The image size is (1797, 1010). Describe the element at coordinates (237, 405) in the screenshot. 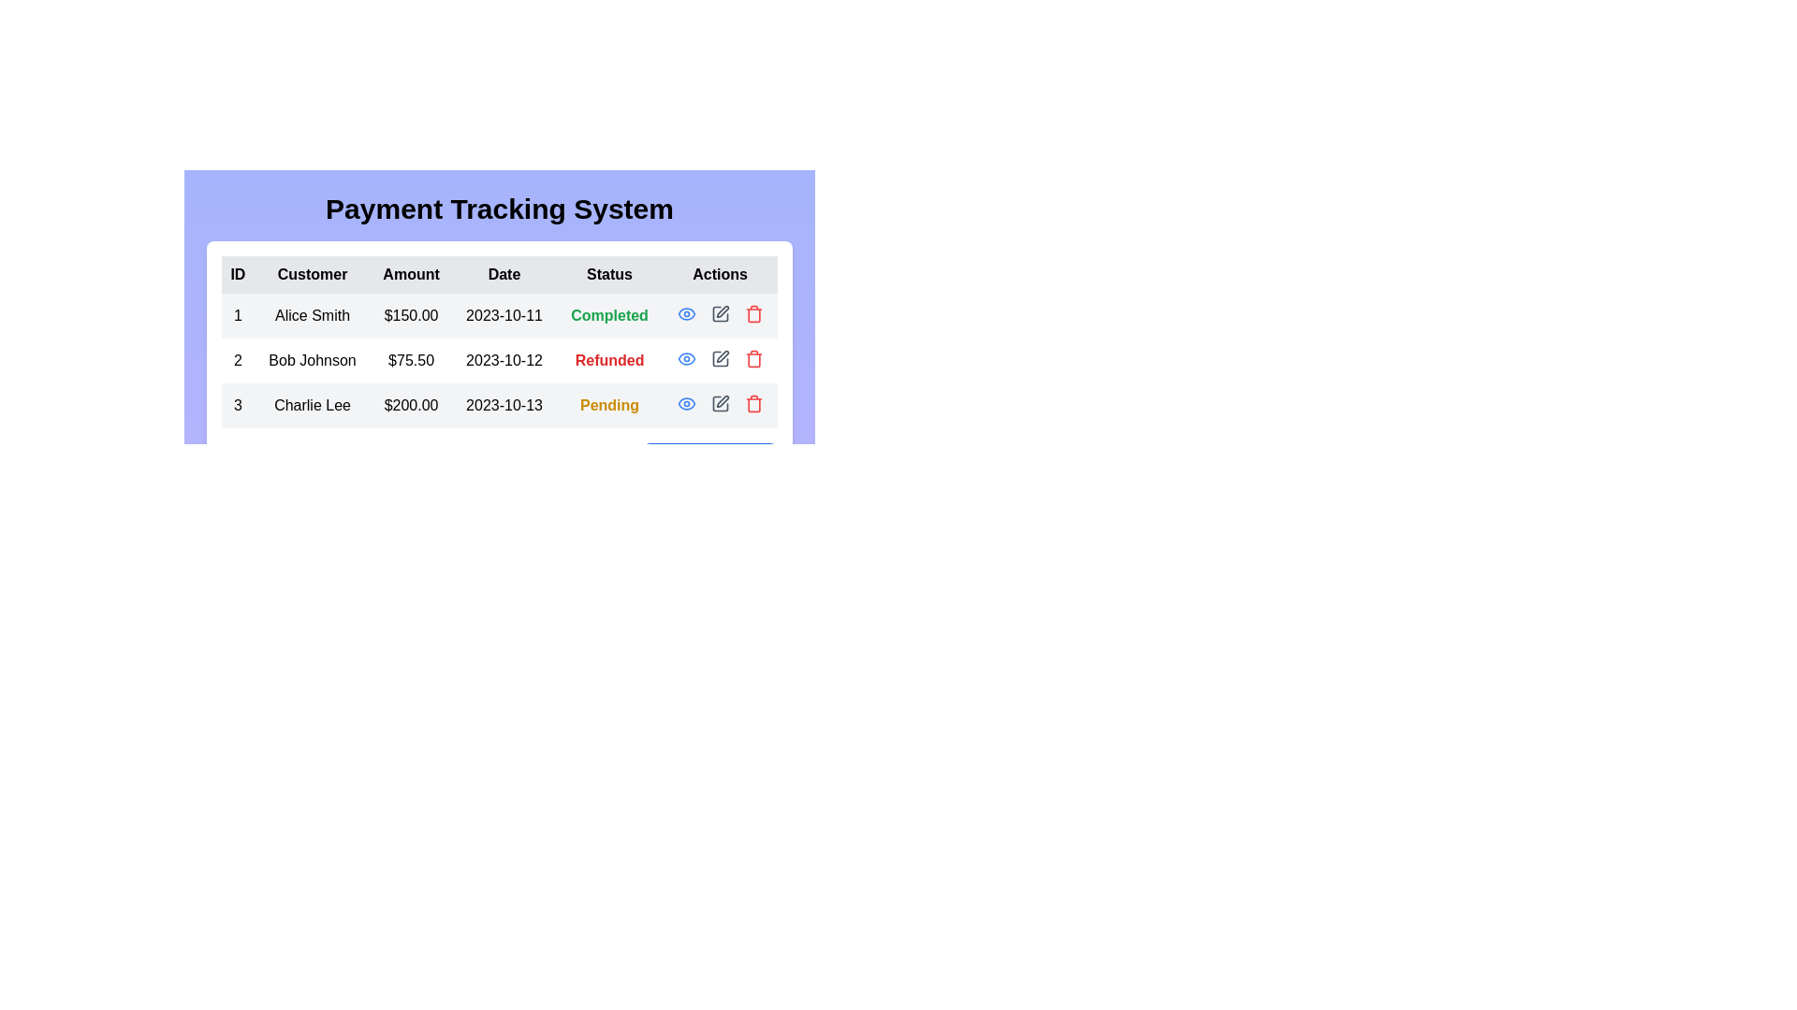

I see `the numeric label displaying the number '3' under the ID header in the table row for 'Charlie Lee'` at that location.